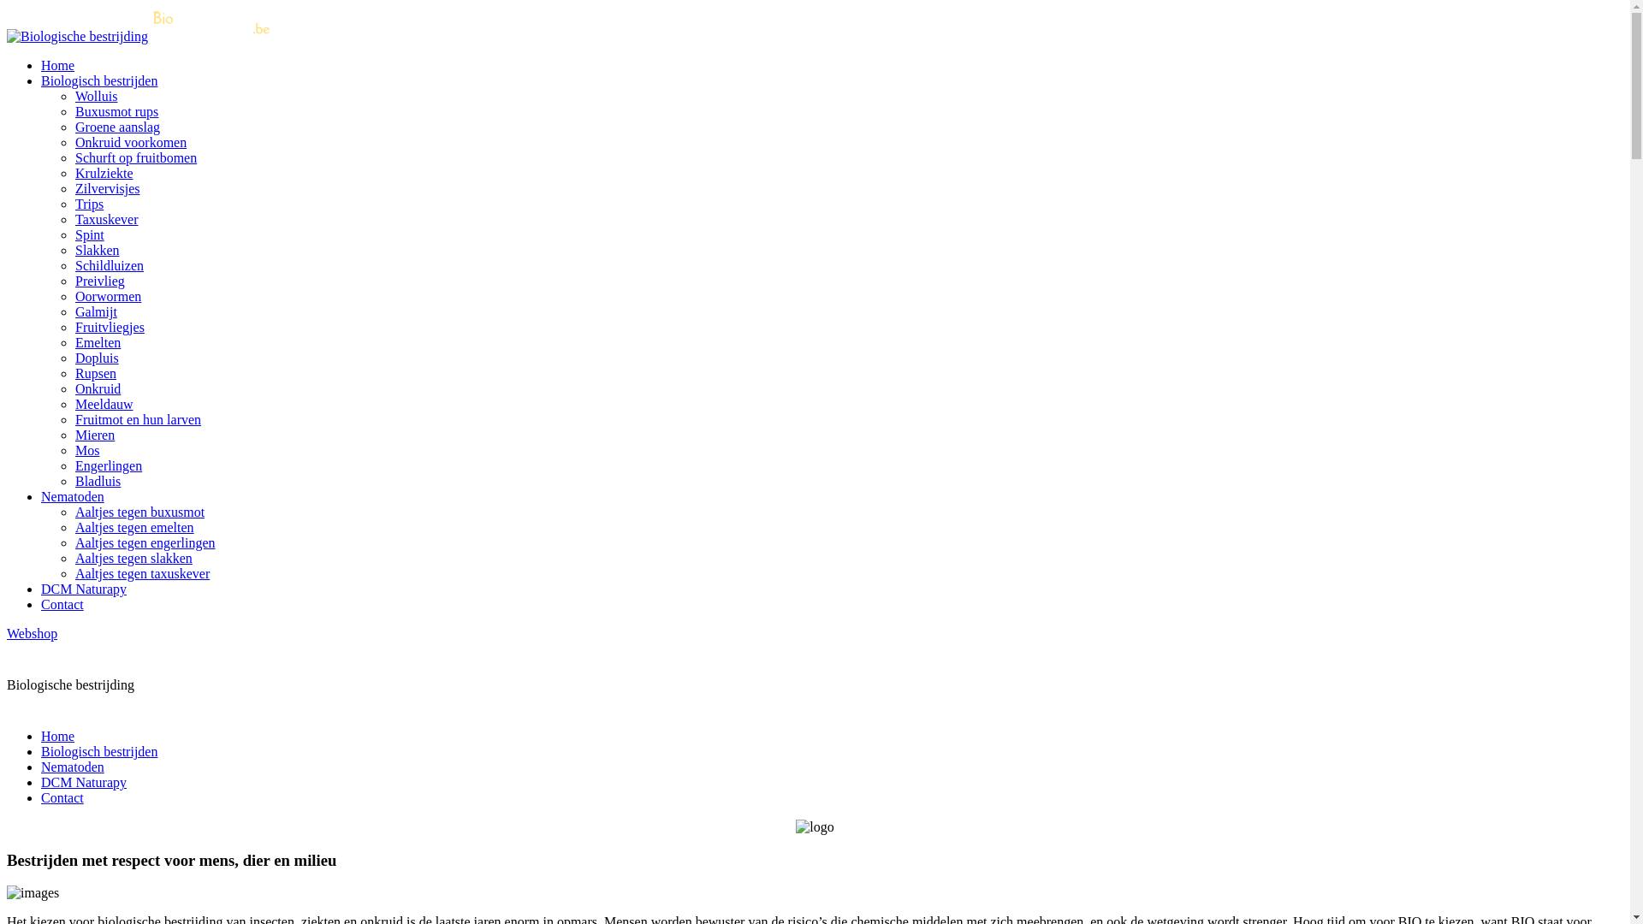 This screenshot has height=924, width=1643. Describe the element at coordinates (74, 573) in the screenshot. I see `'Aaltjes tegen taxuskever'` at that location.